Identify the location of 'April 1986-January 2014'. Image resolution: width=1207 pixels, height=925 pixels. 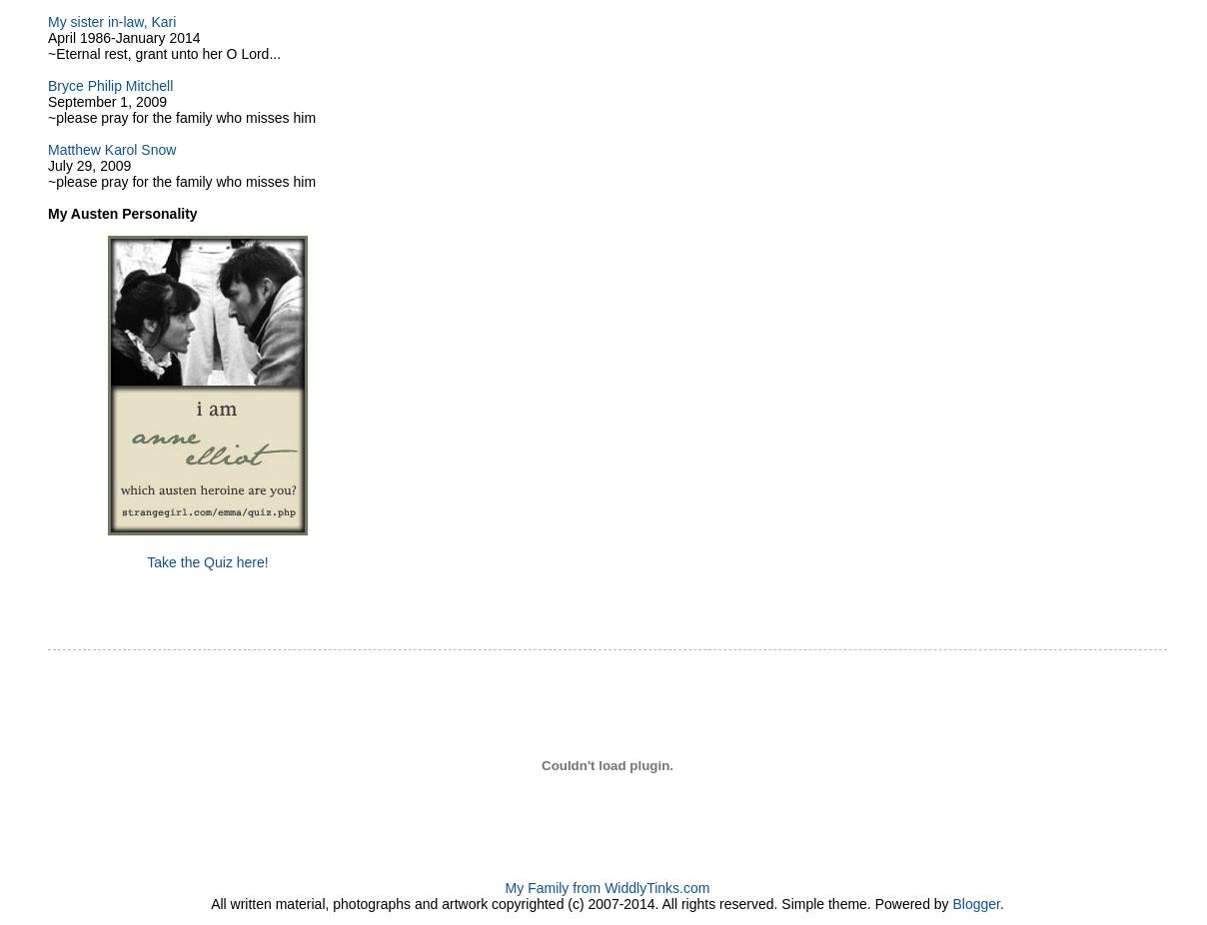
(46, 36).